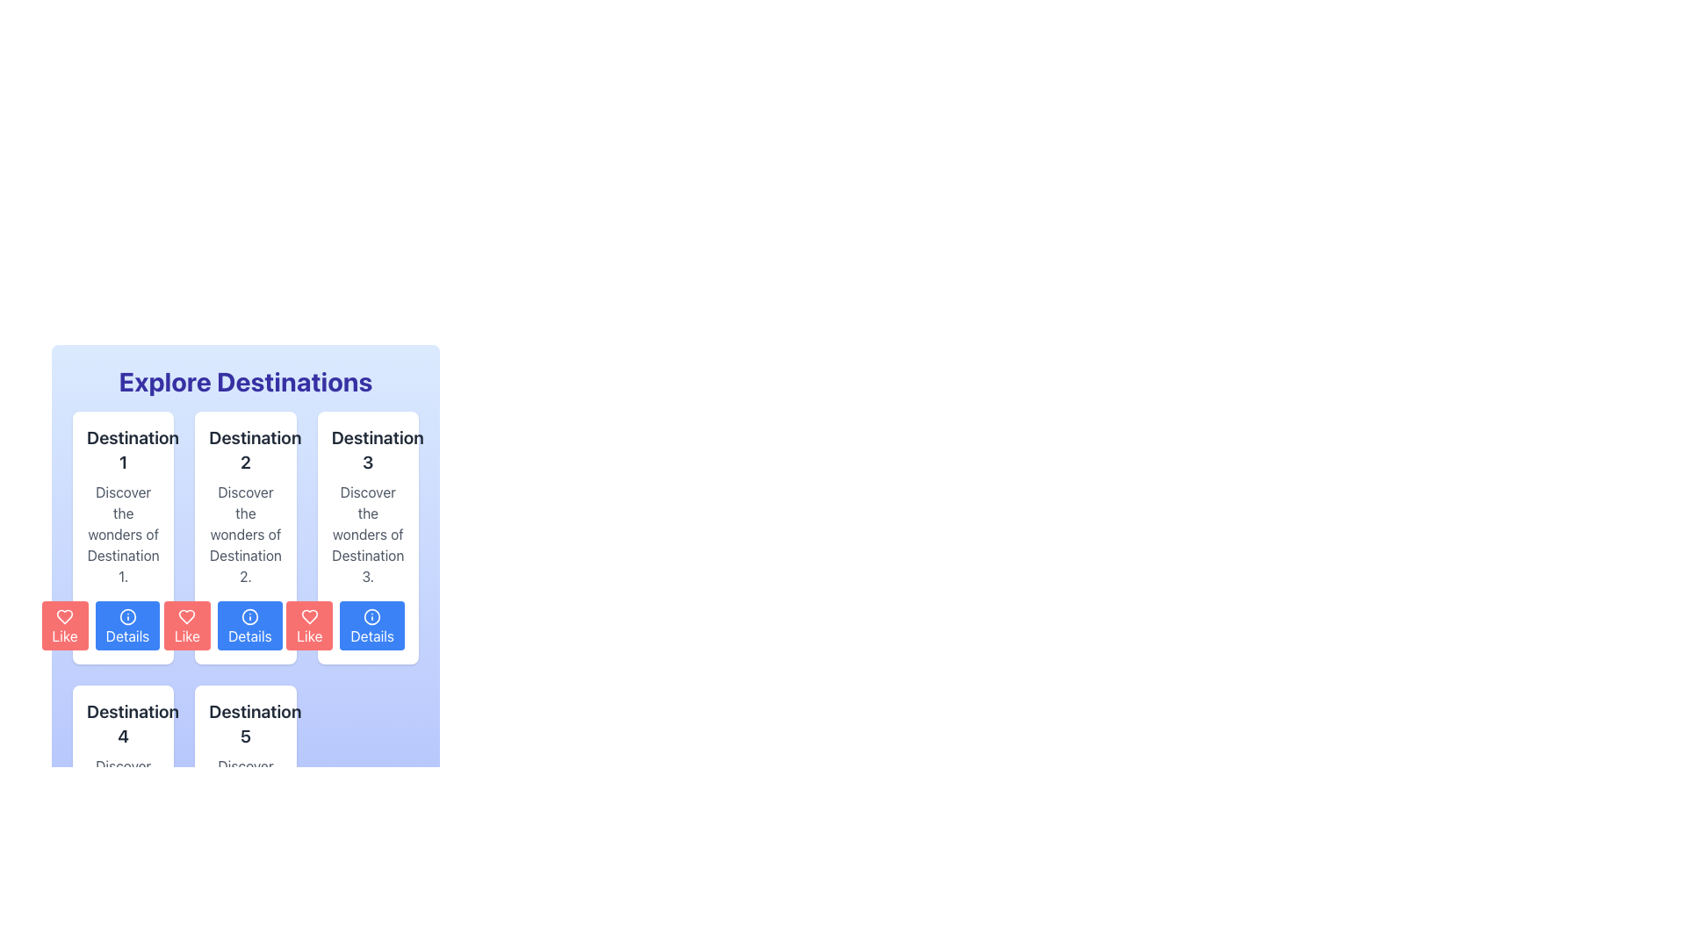  Describe the element at coordinates (367, 625) in the screenshot. I see `the button located in the bottom right corner of the card labeled 'Destination 3' in the 'Explore Destinations' grid` at that location.